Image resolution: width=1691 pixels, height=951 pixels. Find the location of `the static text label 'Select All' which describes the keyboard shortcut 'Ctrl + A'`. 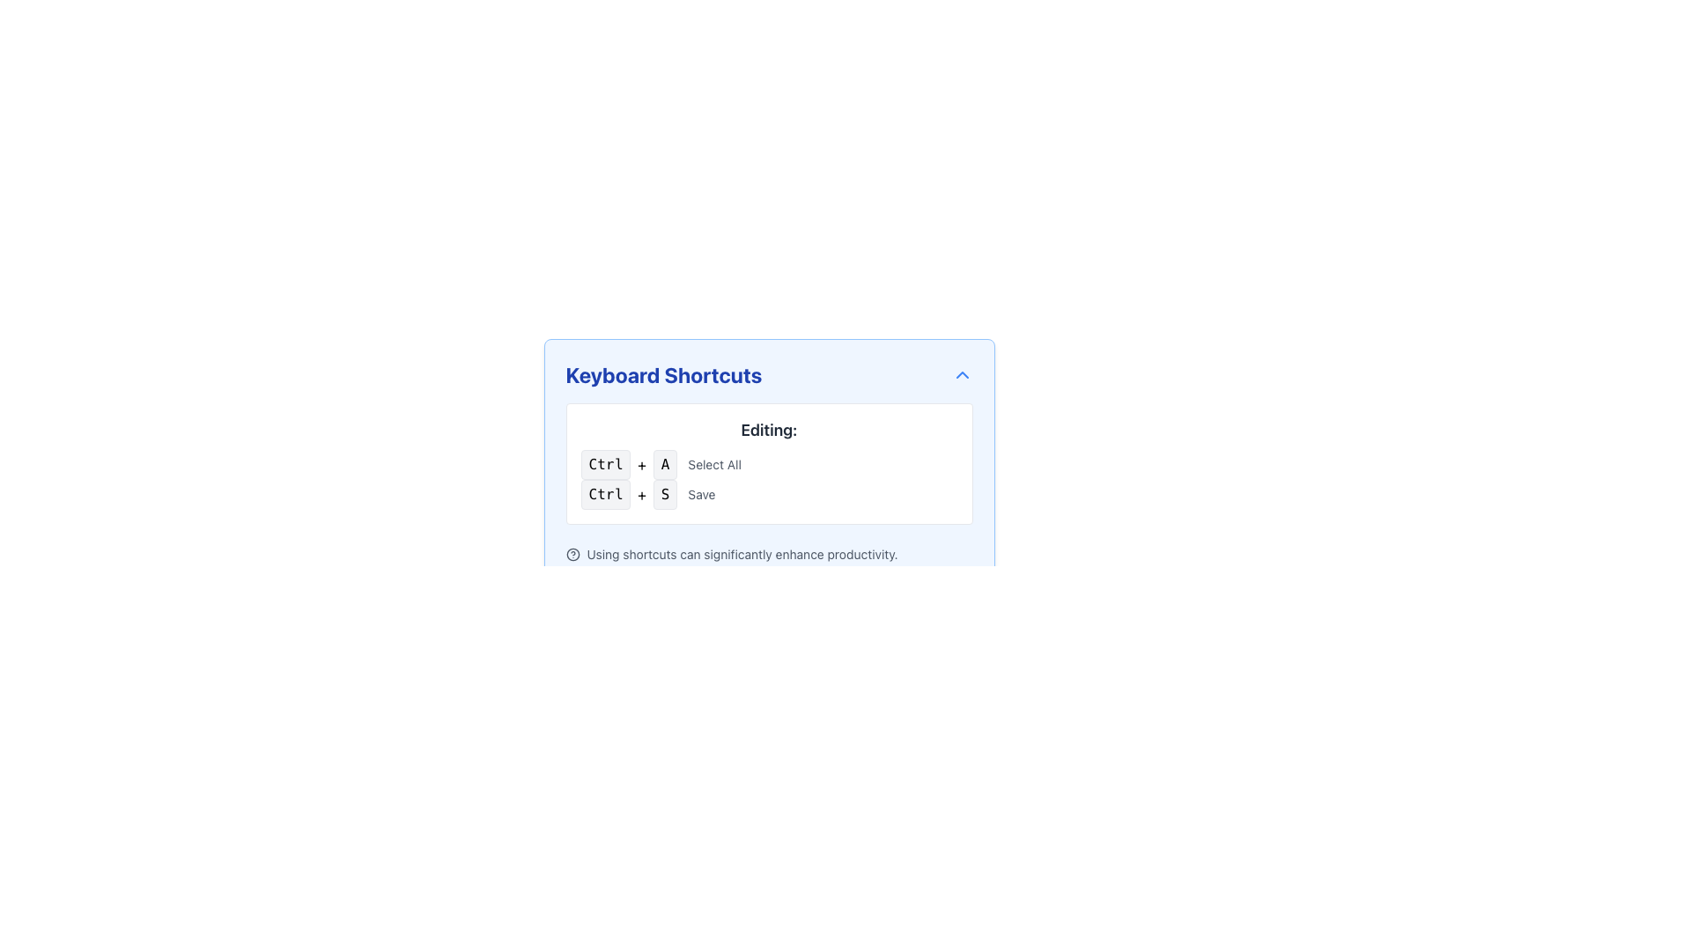

the static text label 'Select All' which describes the keyboard shortcut 'Ctrl + A' is located at coordinates (714, 464).